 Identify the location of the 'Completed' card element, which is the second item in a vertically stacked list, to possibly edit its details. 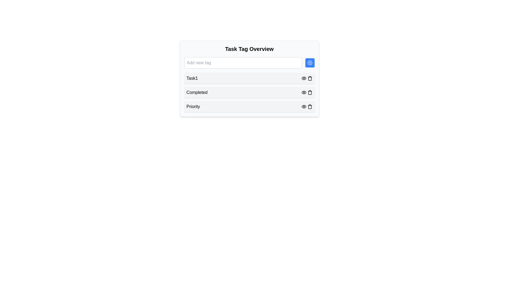
(249, 92).